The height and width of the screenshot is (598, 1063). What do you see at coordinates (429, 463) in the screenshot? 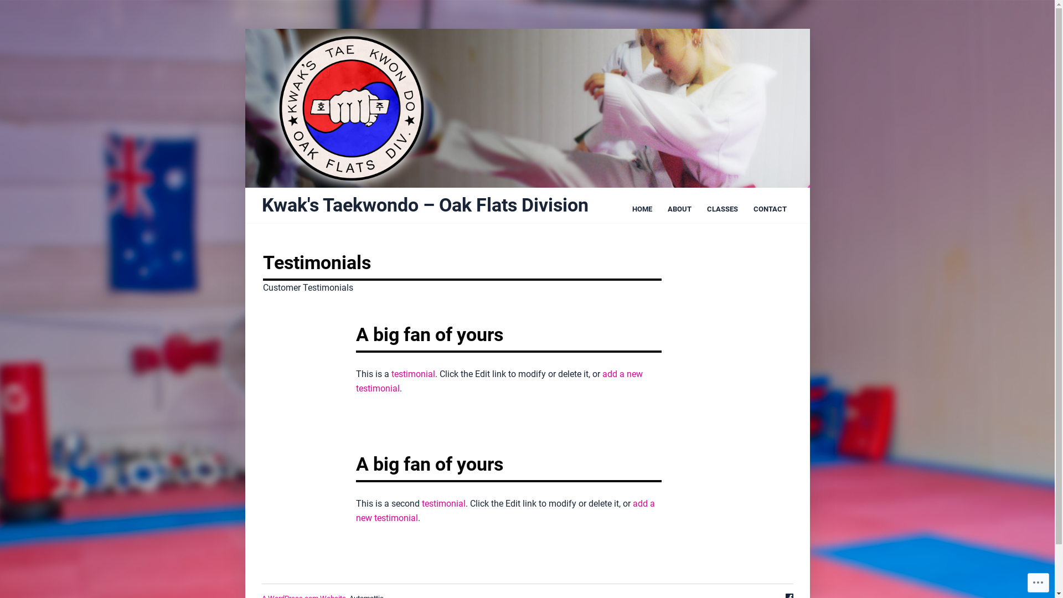
I see `'A big fan of yours'` at bounding box center [429, 463].